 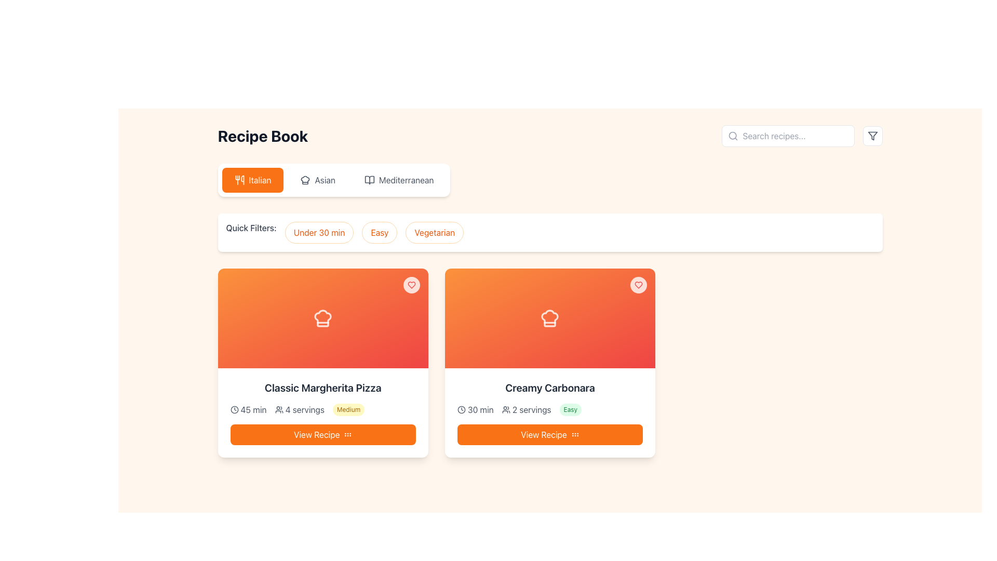 I want to click on the button at the bottom center of the 'Classic Margherita Pizza' recipe card to trigger a color change effect, so click(x=322, y=435).